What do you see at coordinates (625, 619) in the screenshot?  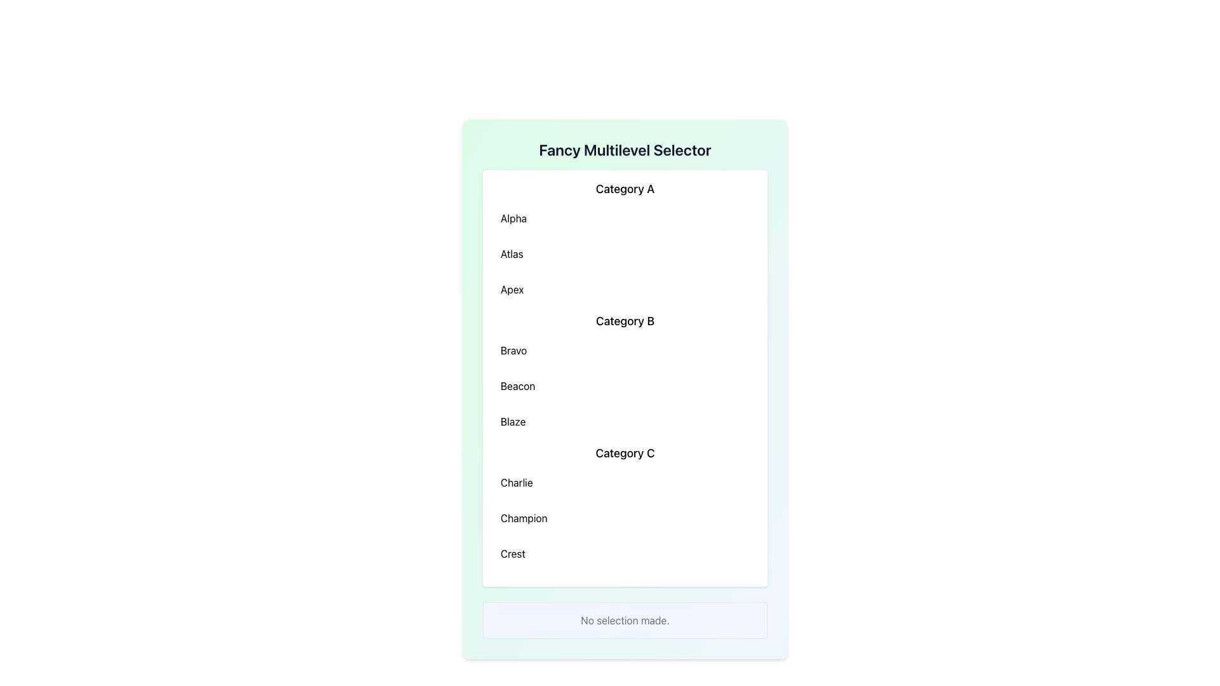 I see `the Informational Text Box located at the bottom of the 'Fancy Multilevel Selector' panel, which indicates that no option has been selected` at bounding box center [625, 619].